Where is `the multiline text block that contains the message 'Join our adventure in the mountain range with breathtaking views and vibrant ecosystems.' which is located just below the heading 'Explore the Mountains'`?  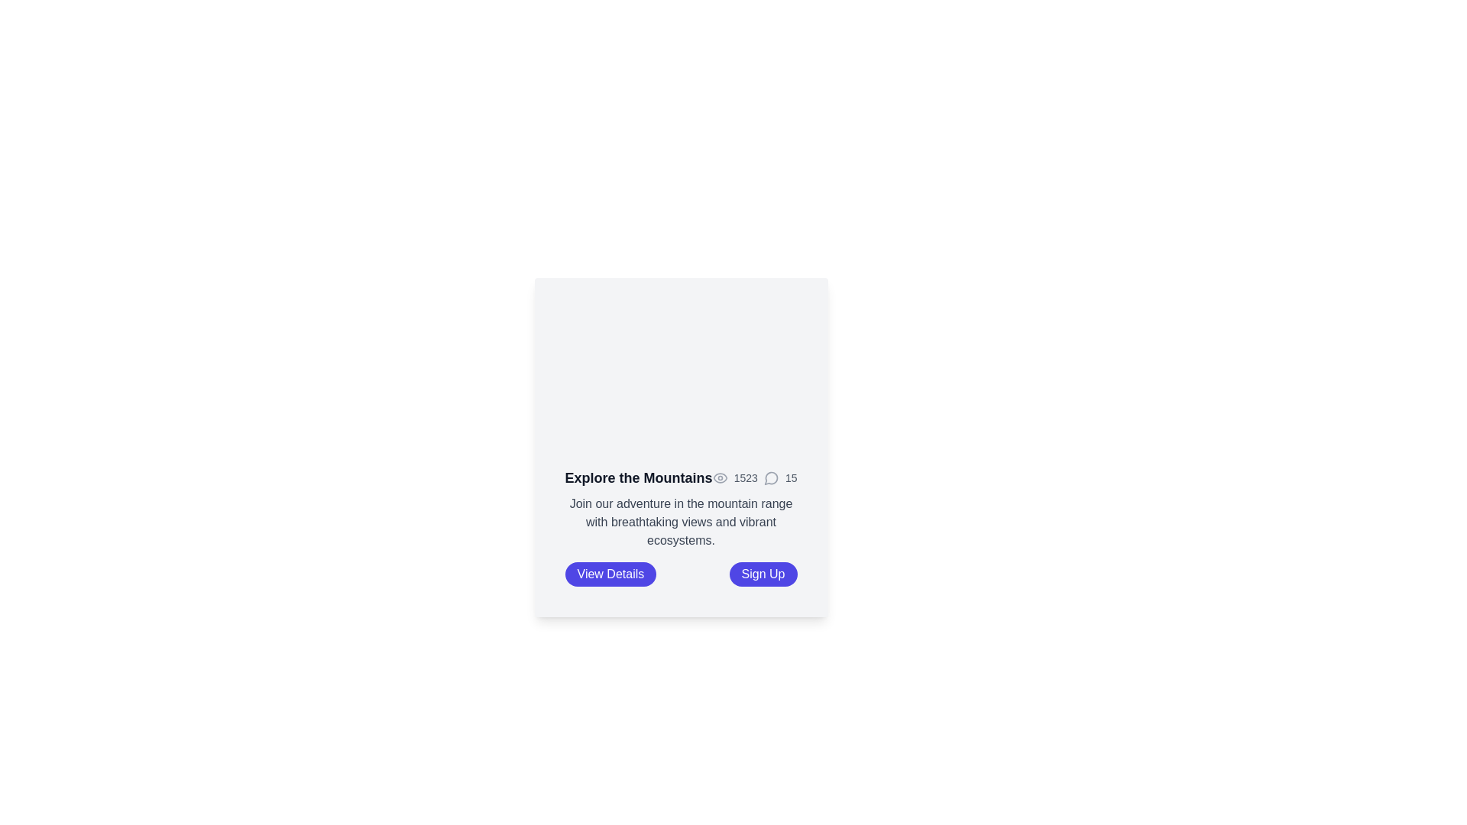
the multiline text block that contains the message 'Join our adventure in the mountain range with breathtaking views and vibrant ecosystems.' which is located just below the heading 'Explore the Mountains' is located at coordinates (680, 521).